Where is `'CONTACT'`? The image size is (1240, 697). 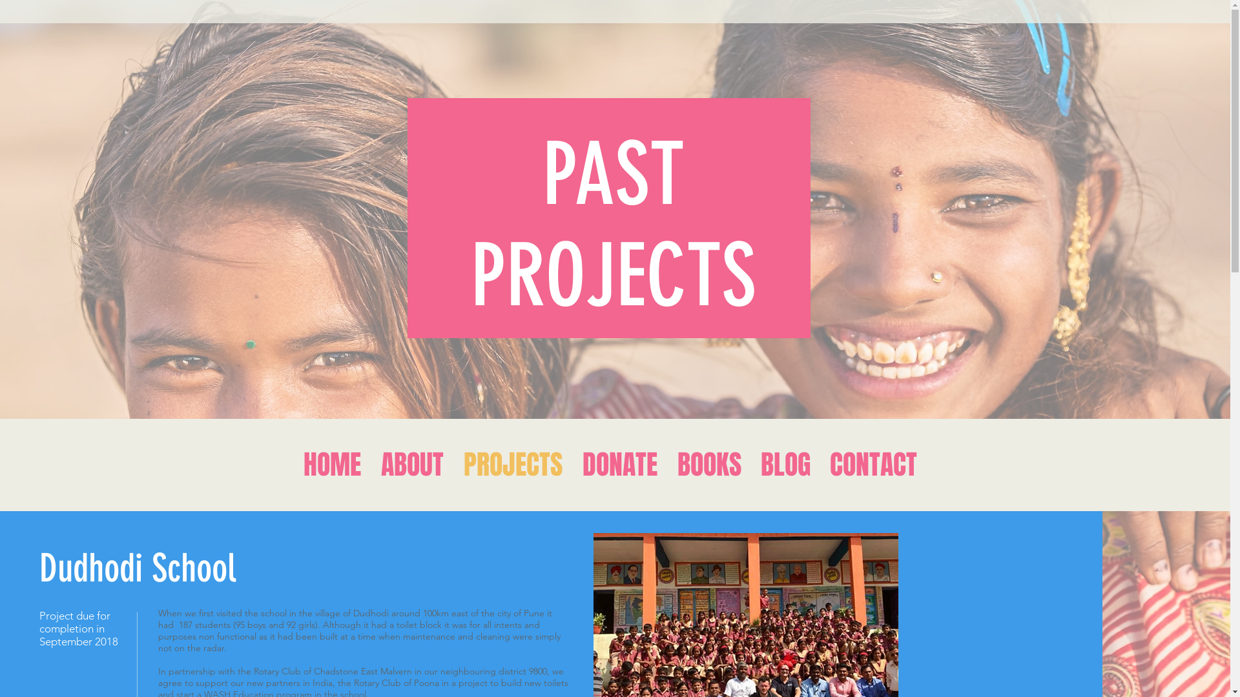 'CONTACT' is located at coordinates (820, 465).